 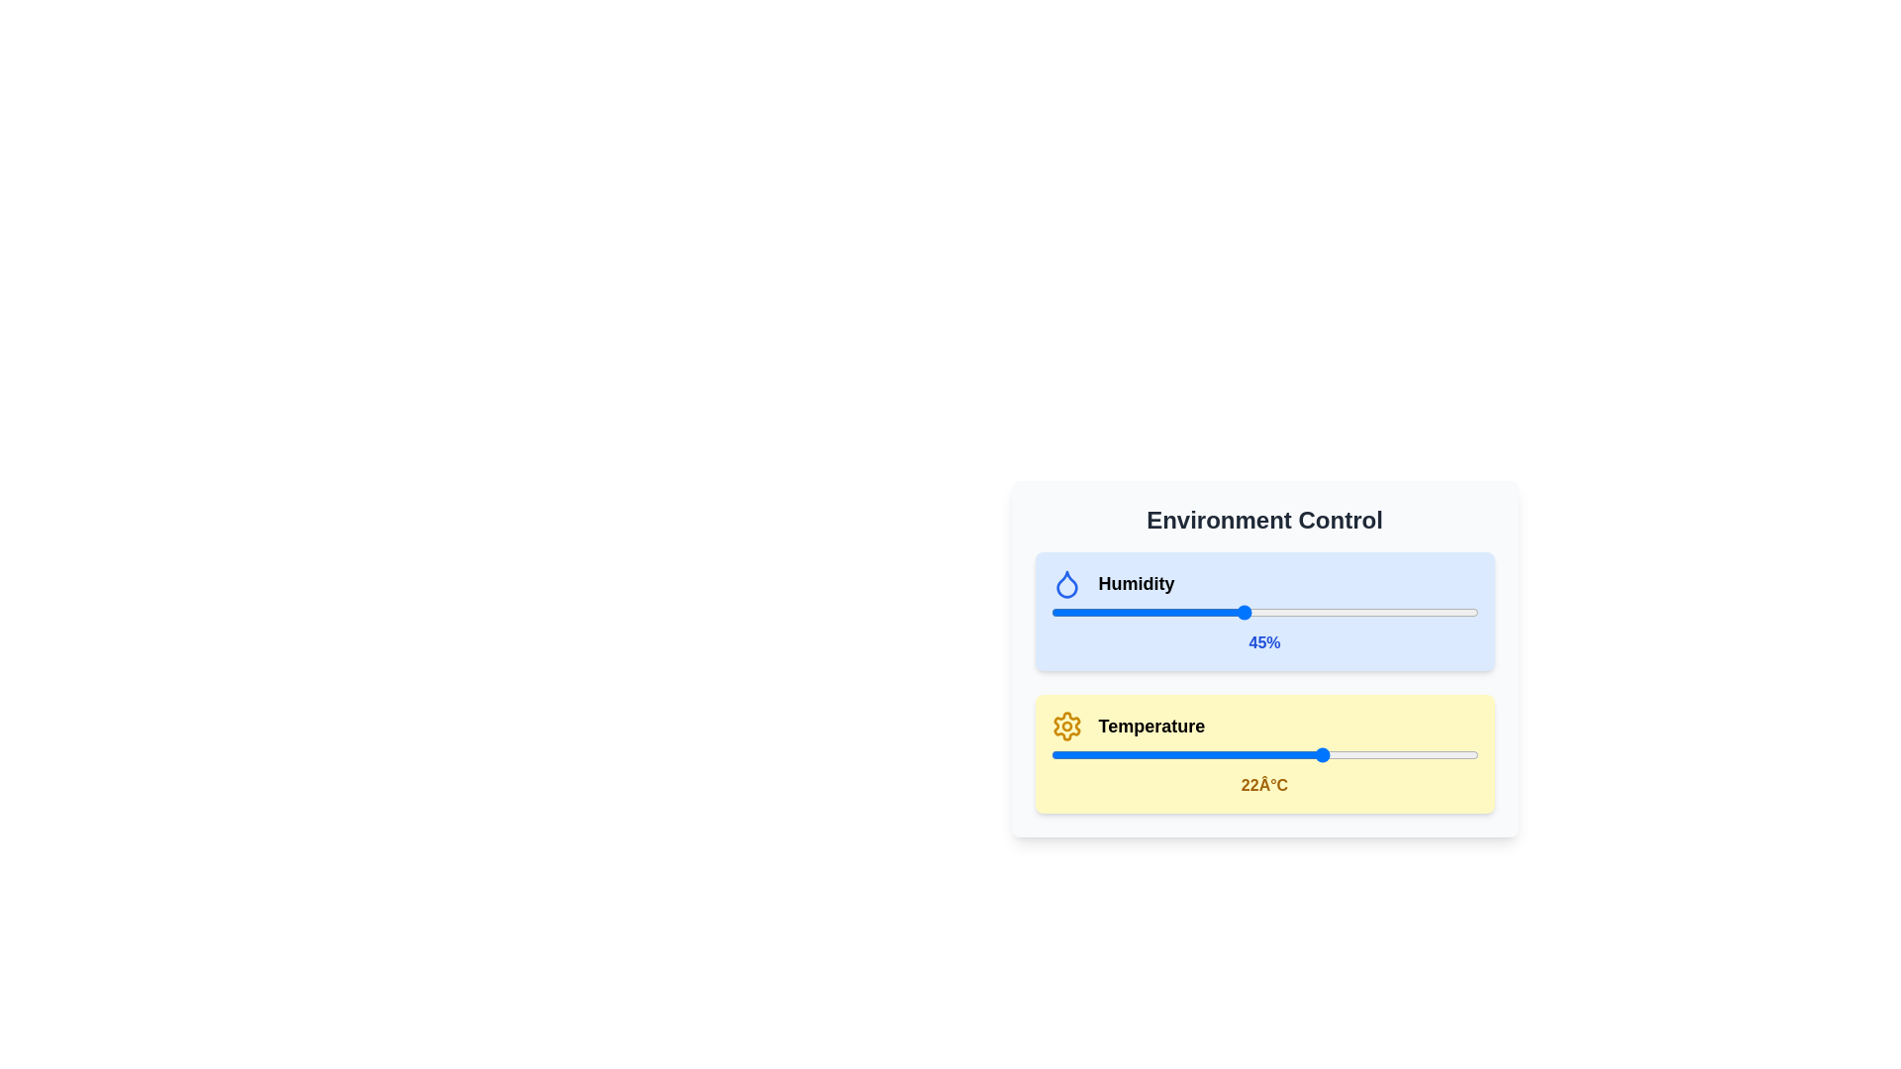 What do you see at coordinates (1179, 755) in the screenshot?
I see `the temperature slider to set the temperature to 5 degrees Celsius` at bounding box center [1179, 755].